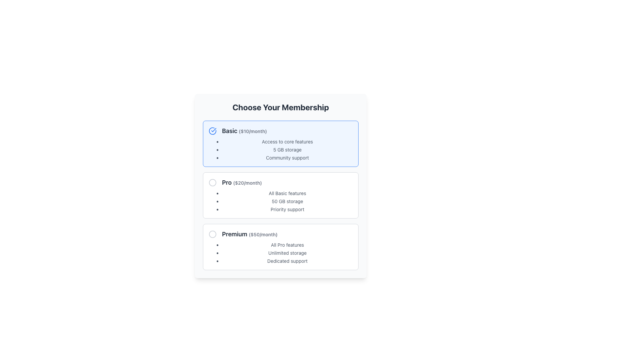  I want to click on the blue checkmark icon within the circular outline that confirms selection in the 'Basic' membership section, so click(213, 130).